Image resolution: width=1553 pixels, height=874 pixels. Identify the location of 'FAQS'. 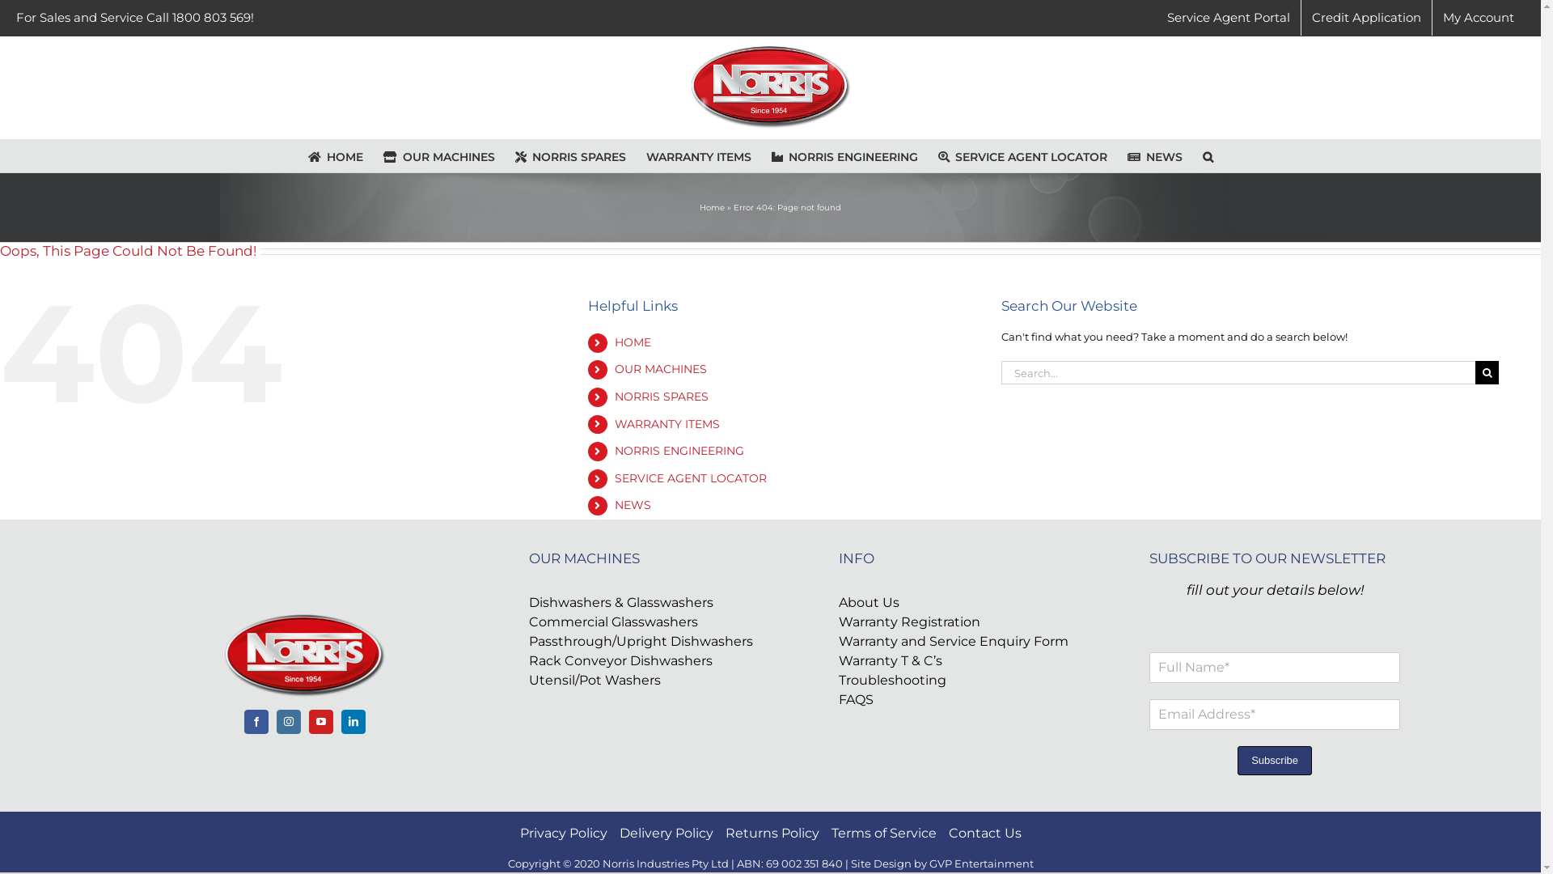
(963, 698).